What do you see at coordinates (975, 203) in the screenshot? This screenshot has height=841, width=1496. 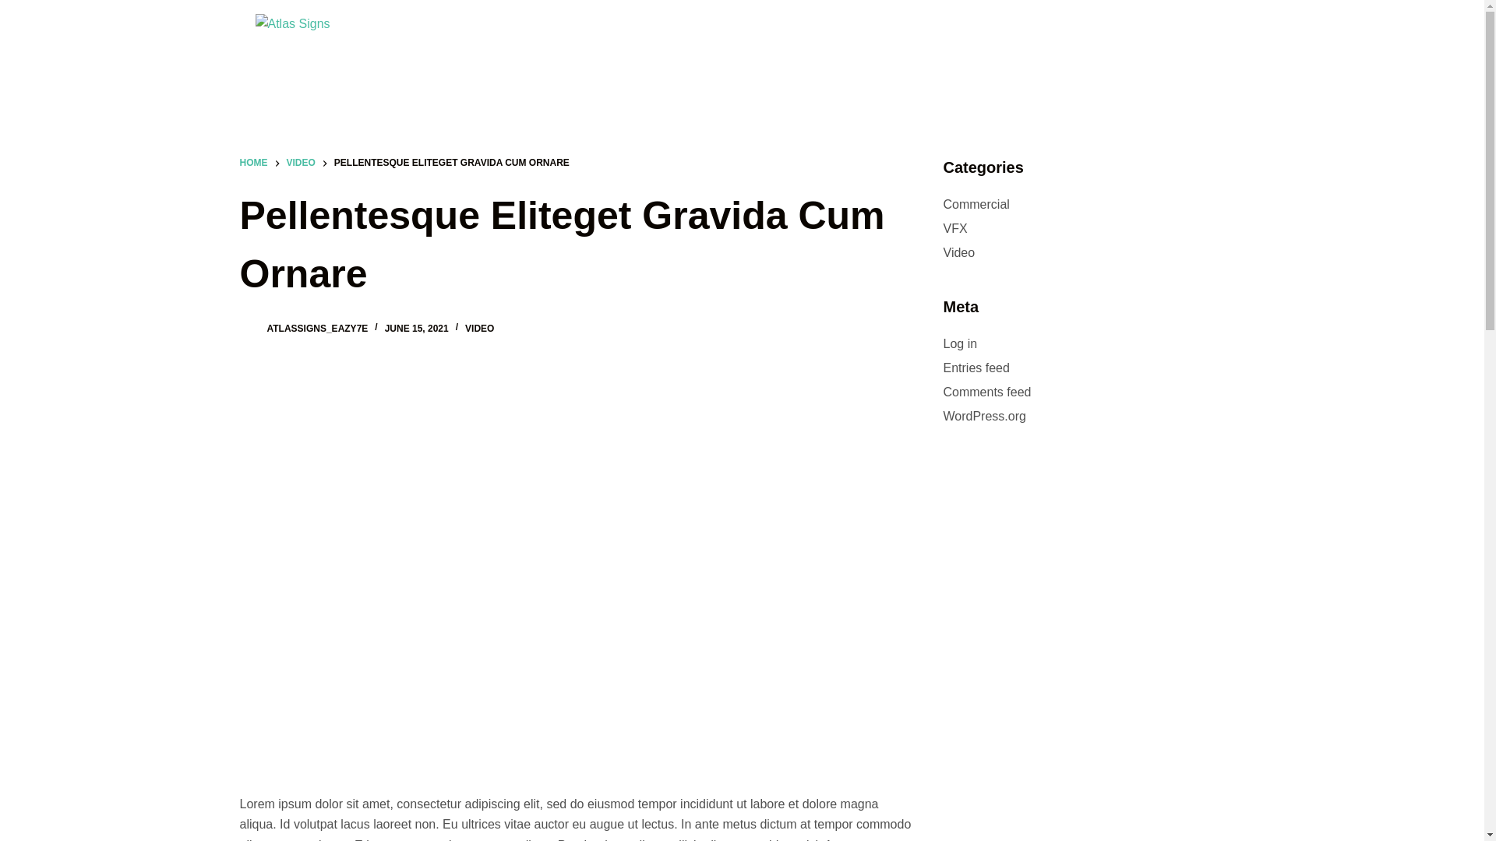 I see `'Commercial'` at bounding box center [975, 203].